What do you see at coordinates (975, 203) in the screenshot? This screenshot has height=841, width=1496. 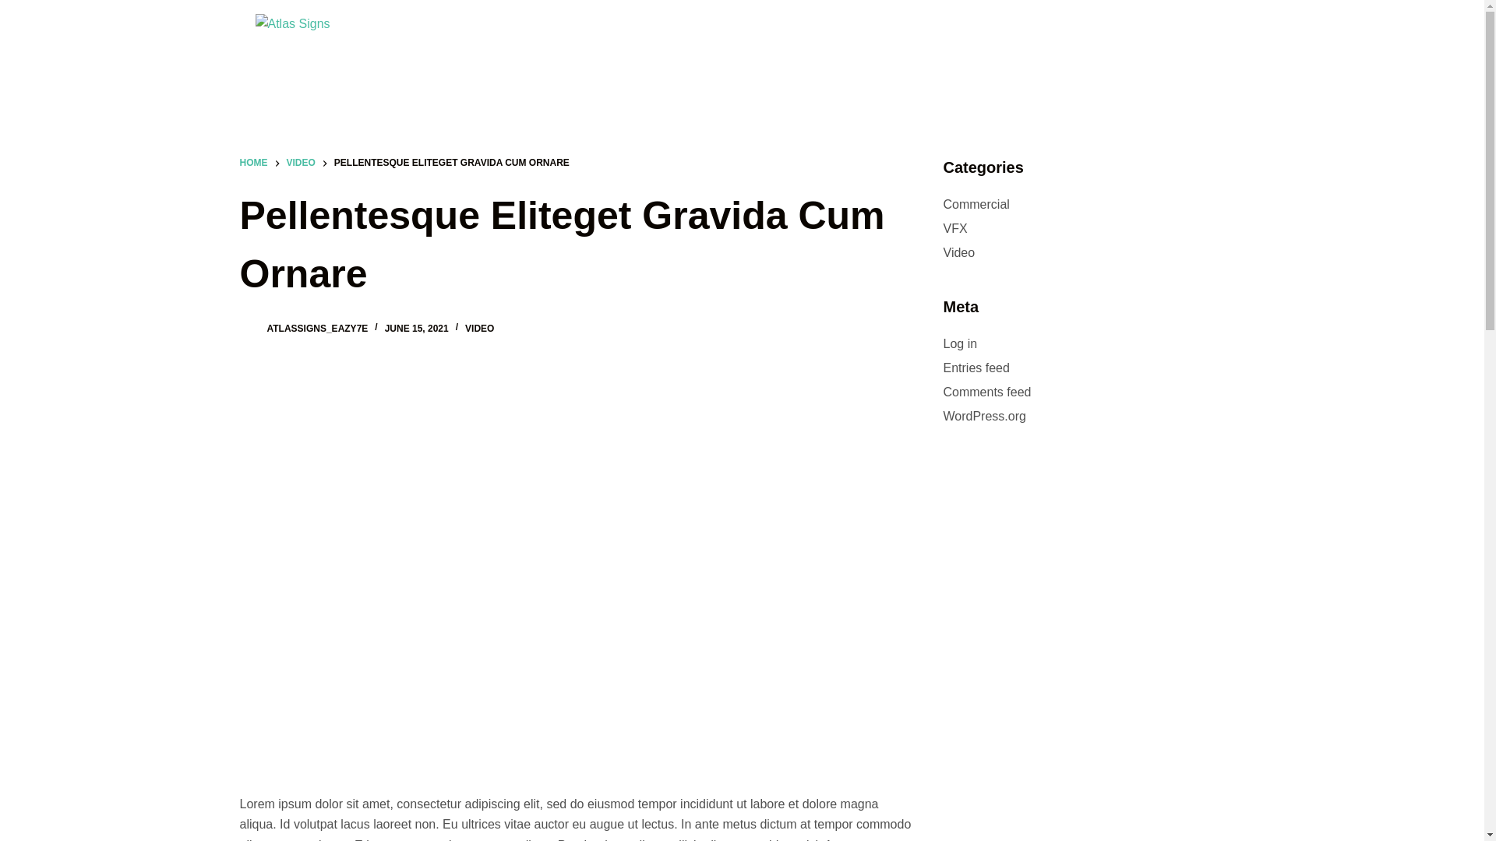 I see `'Commercial'` at bounding box center [975, 203].